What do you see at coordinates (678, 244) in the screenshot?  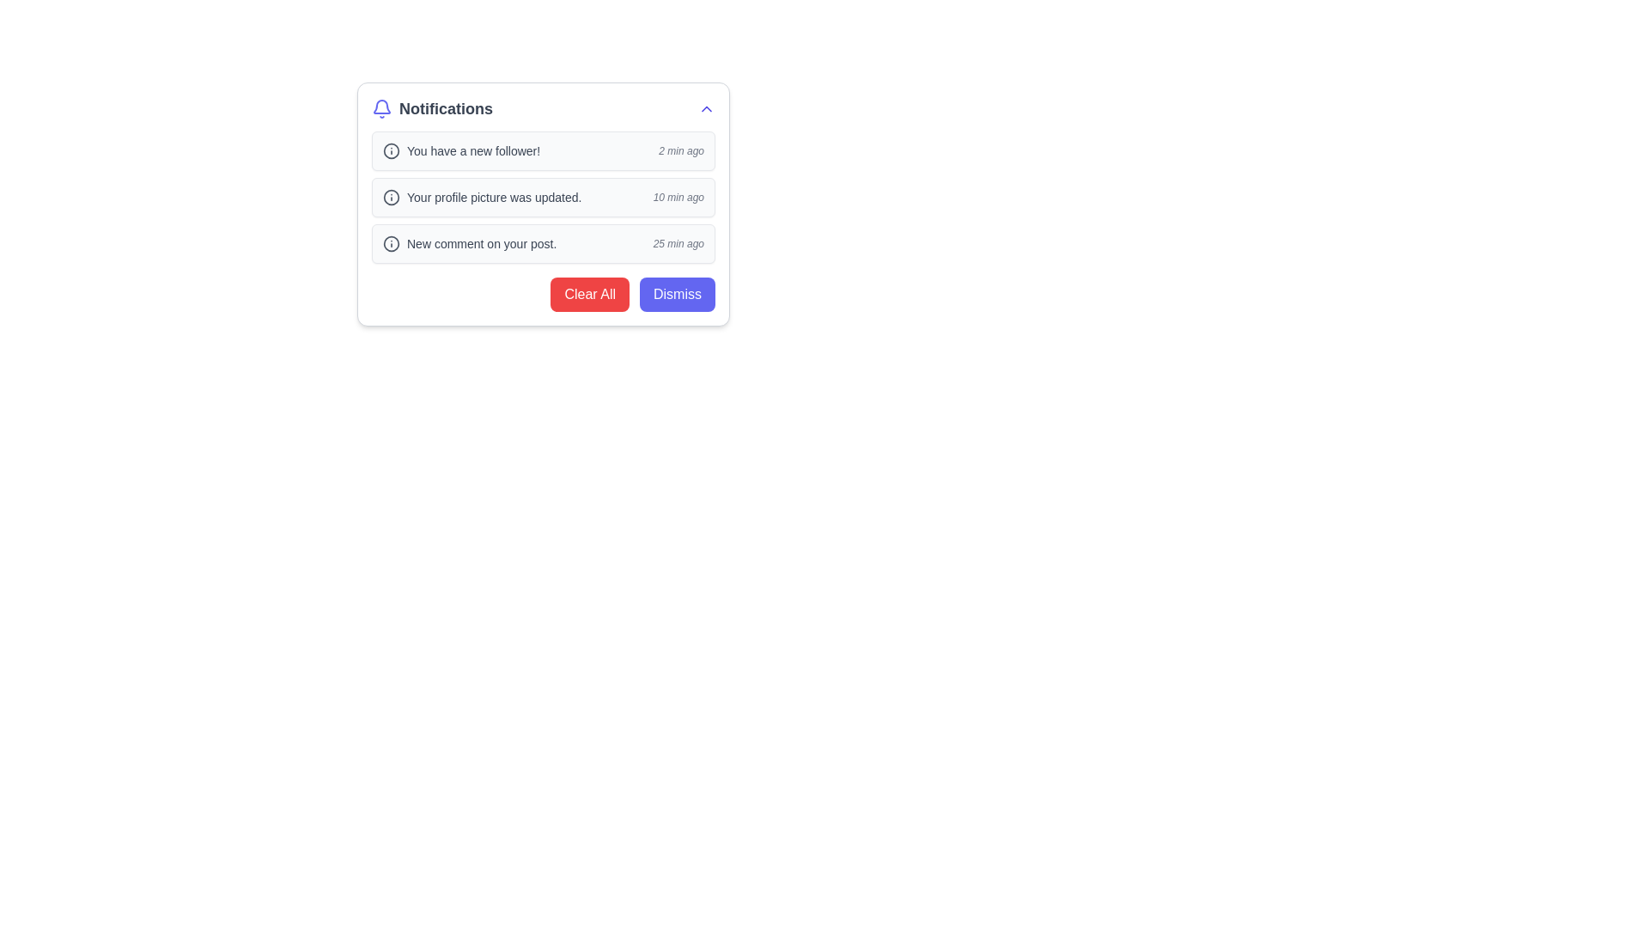 I see `the small italicized text label displaying '25 min ago' located at the bottom-right corner of the third notification card, next to 'New comment on your post.'` at bounding box center [678, 244].